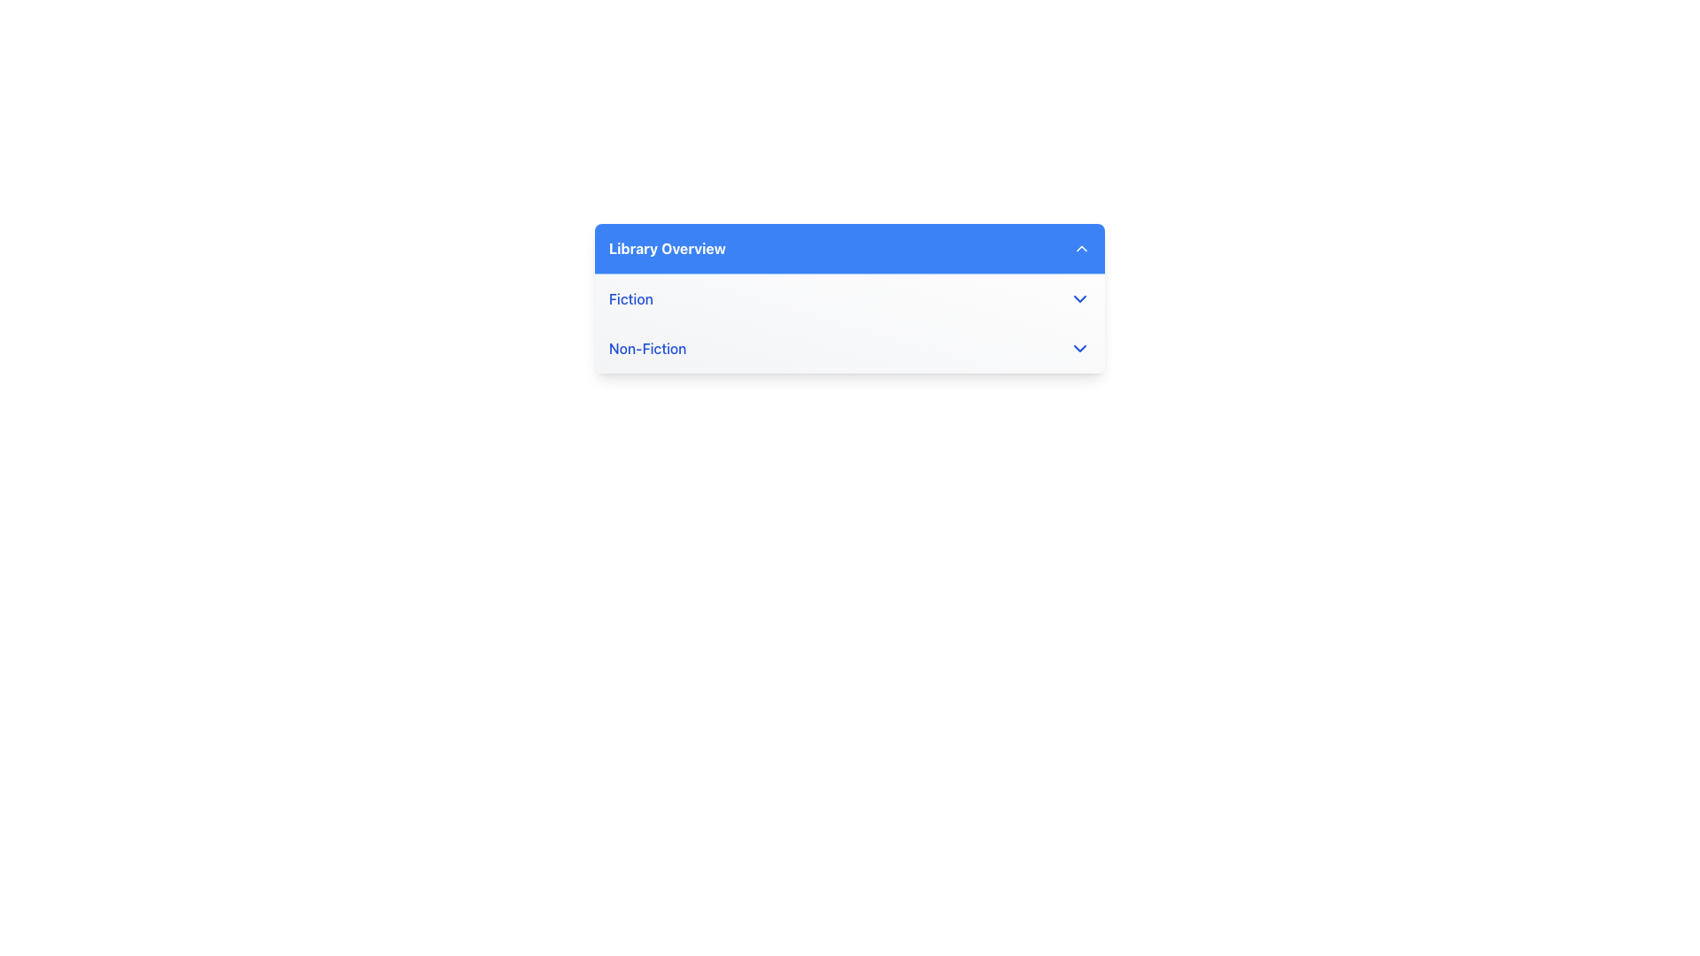 The height and width of the screenshot is (956, 1700). I want to click on the chevron icon located at the far-right end of the blue header bar labeled 'Library Overview', so click(1081, 249).